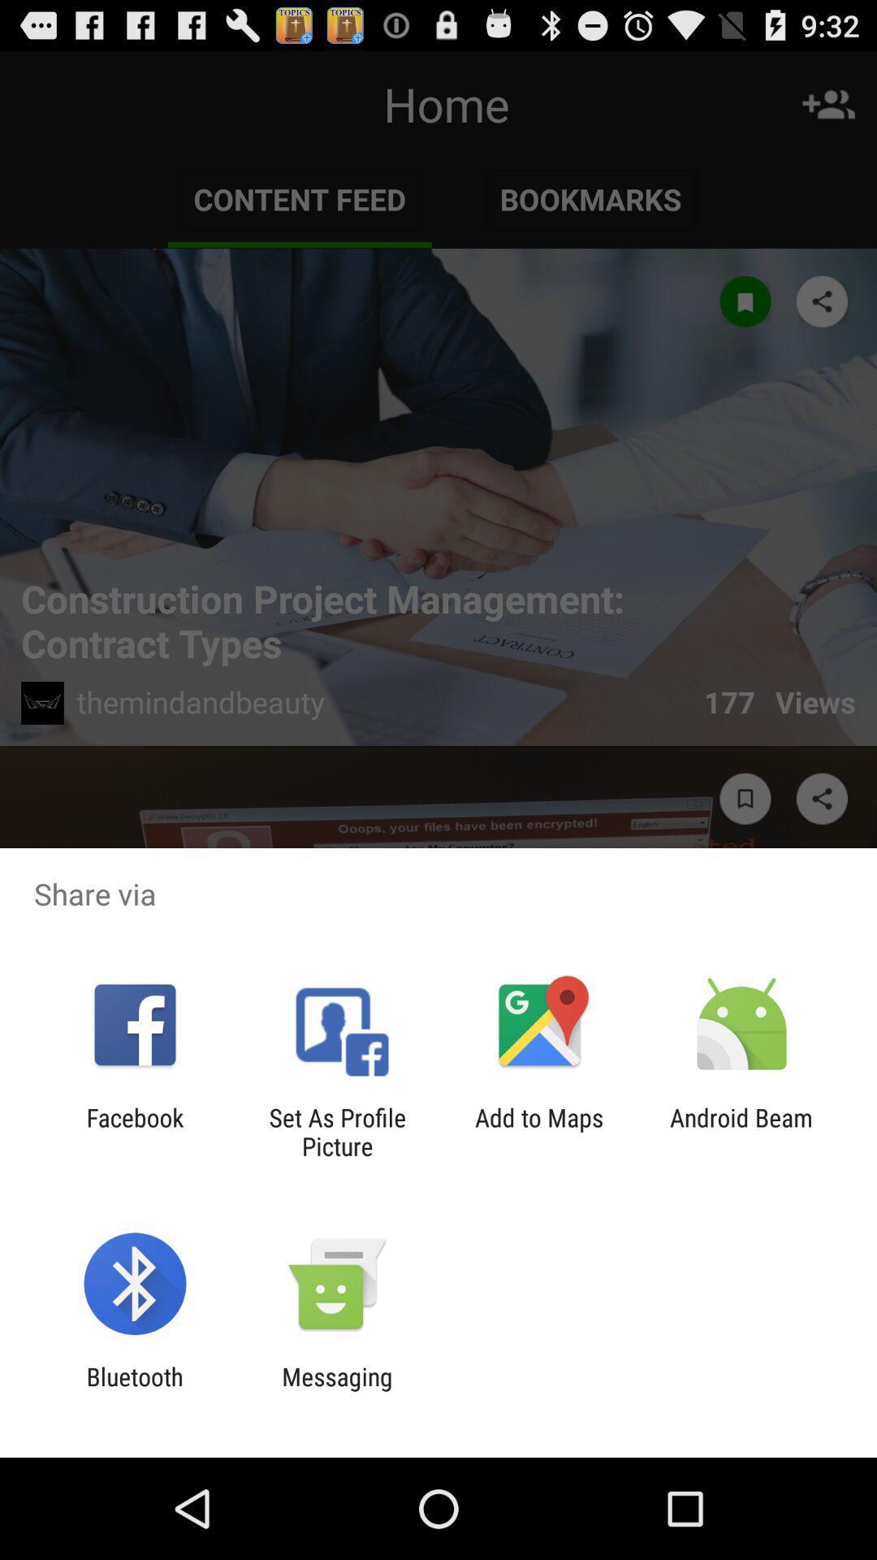 The width and height of the screenshot is (877, 1560). What do you see at coordinates (741, 1131) in the screenshot?
I see `the android beam at the bottom right corner` at bounding box center [741, 1131].